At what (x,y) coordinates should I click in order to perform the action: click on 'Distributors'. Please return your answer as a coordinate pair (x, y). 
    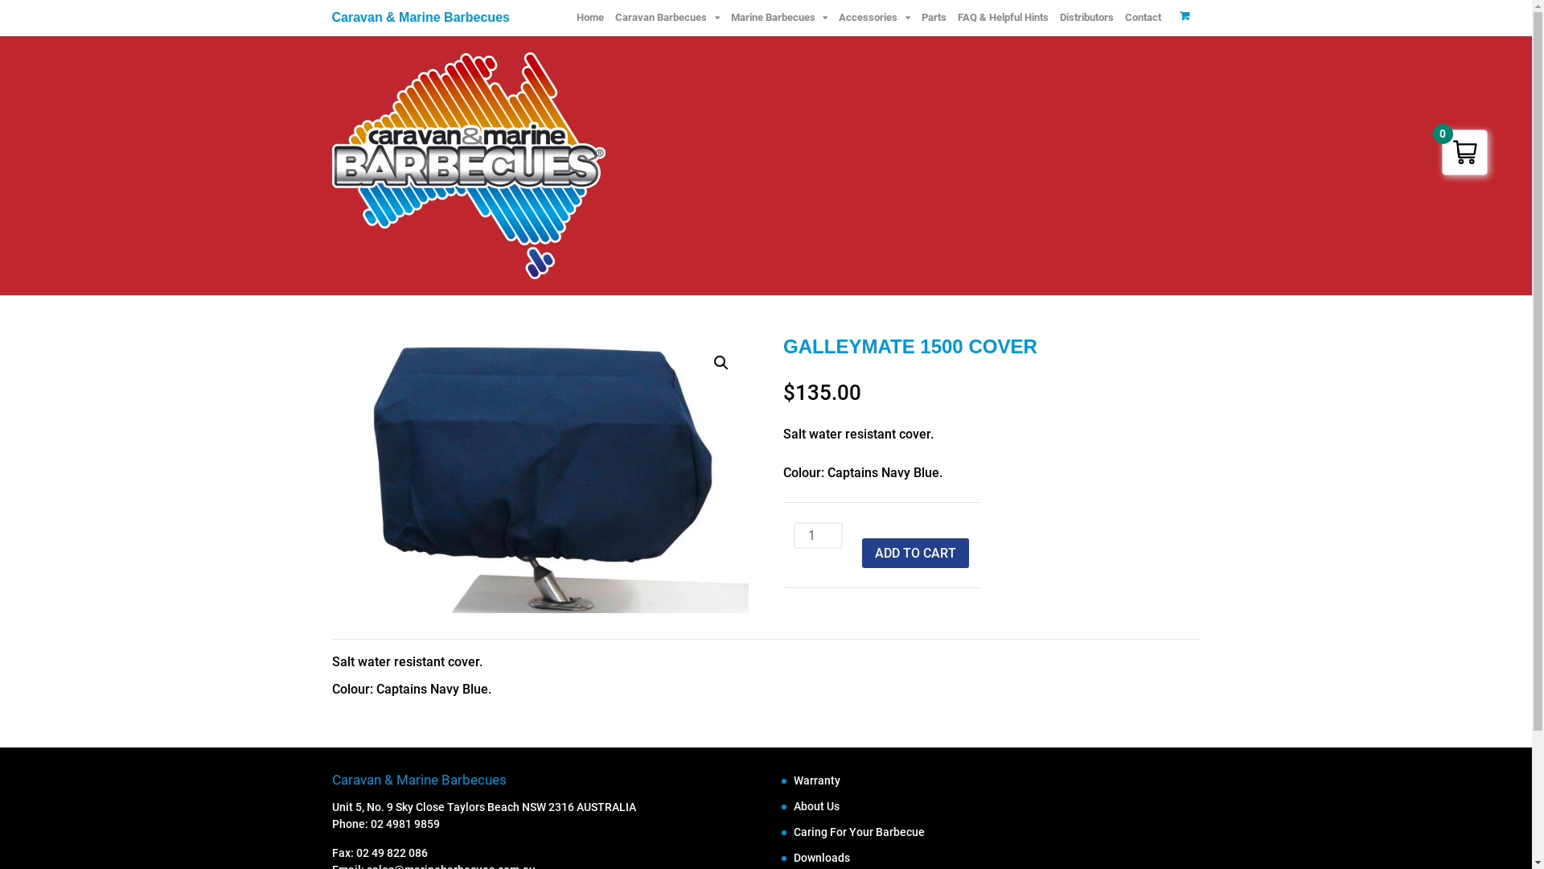
    Looking at the image, I should click on (1086, 18).